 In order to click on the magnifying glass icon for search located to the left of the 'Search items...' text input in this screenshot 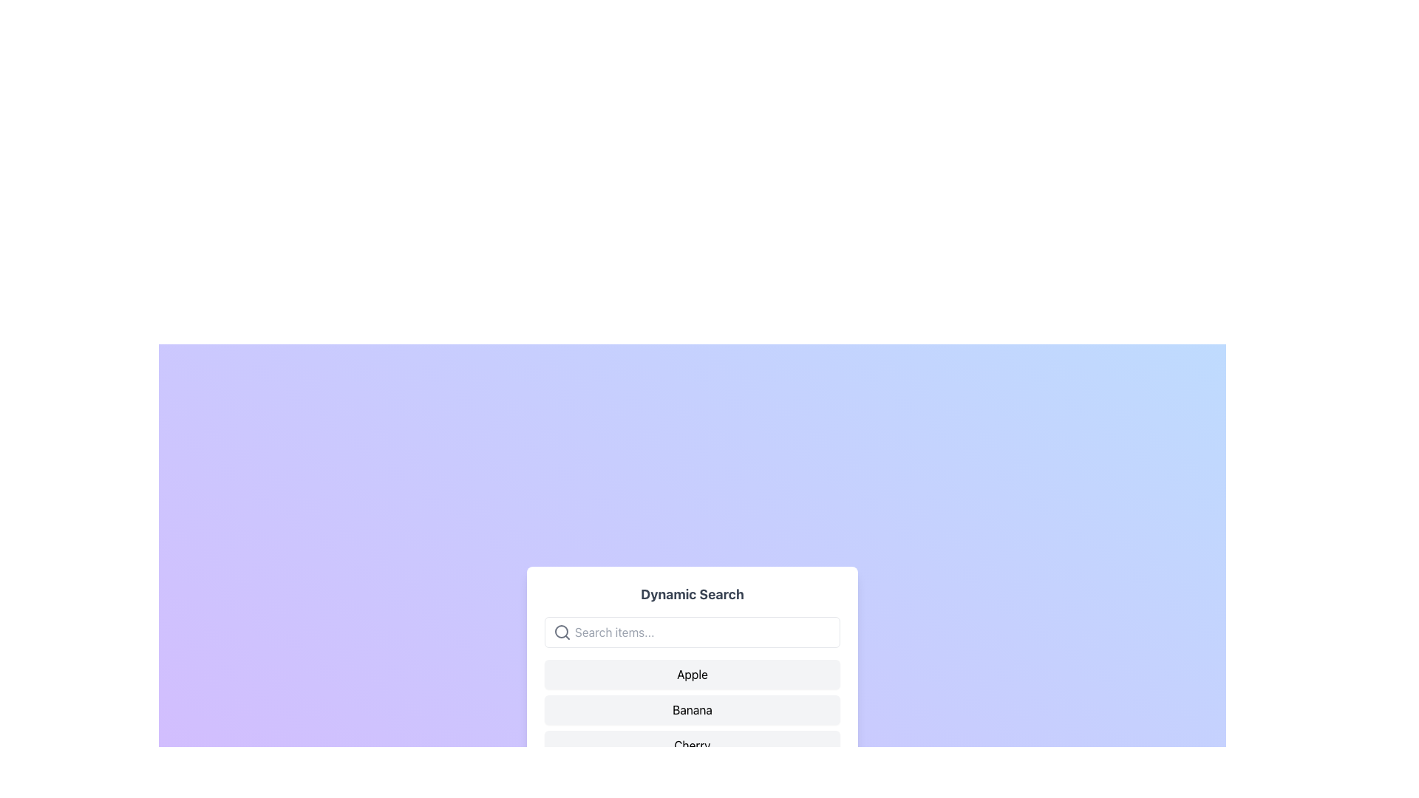, I will do `click(562, 632)`.